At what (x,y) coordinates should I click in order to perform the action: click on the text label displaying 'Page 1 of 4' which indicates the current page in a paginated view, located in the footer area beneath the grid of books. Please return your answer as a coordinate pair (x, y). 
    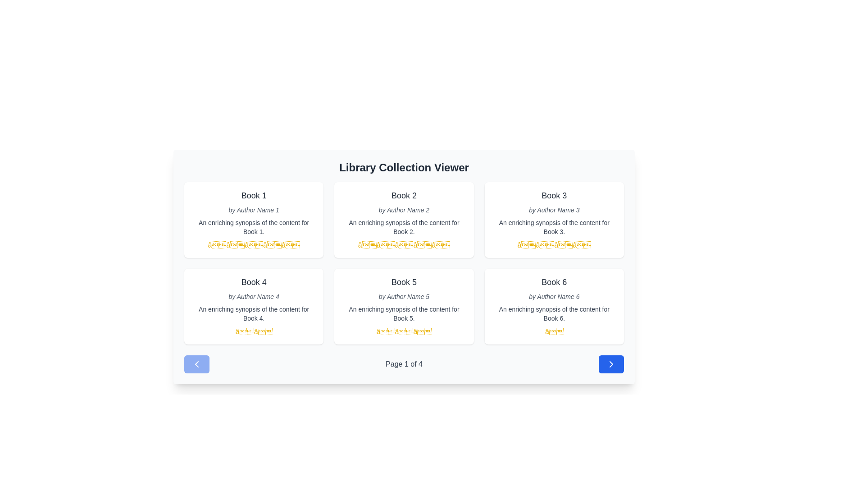
    Looking at the image, I should click on (404, 363).